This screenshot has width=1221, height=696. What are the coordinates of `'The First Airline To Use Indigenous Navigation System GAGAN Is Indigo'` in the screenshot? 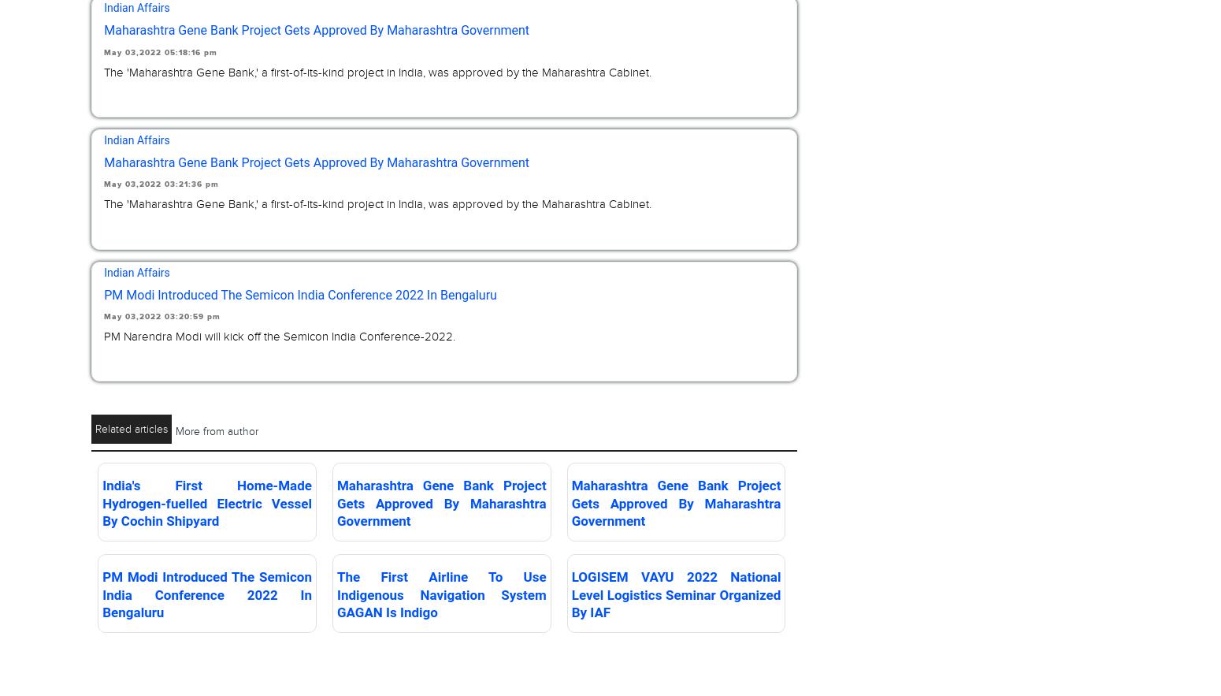 It's located at (441, 594).